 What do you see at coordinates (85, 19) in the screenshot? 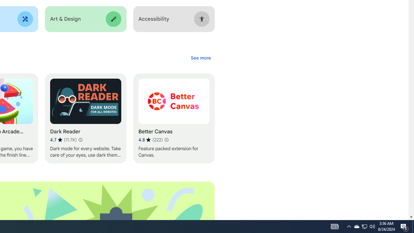
I see `'Art & Design'` at bounding box center [85, 19].